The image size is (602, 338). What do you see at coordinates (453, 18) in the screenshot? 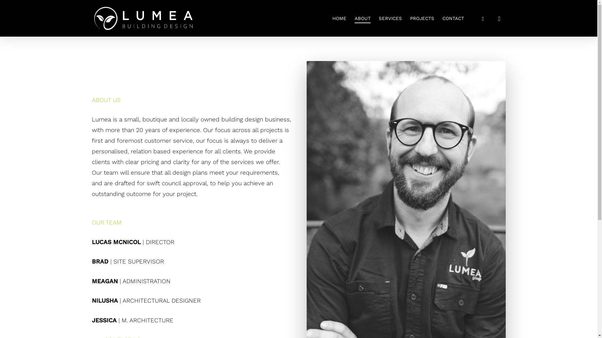
I see `'CONTACT'` at bounding box center [453, 18].